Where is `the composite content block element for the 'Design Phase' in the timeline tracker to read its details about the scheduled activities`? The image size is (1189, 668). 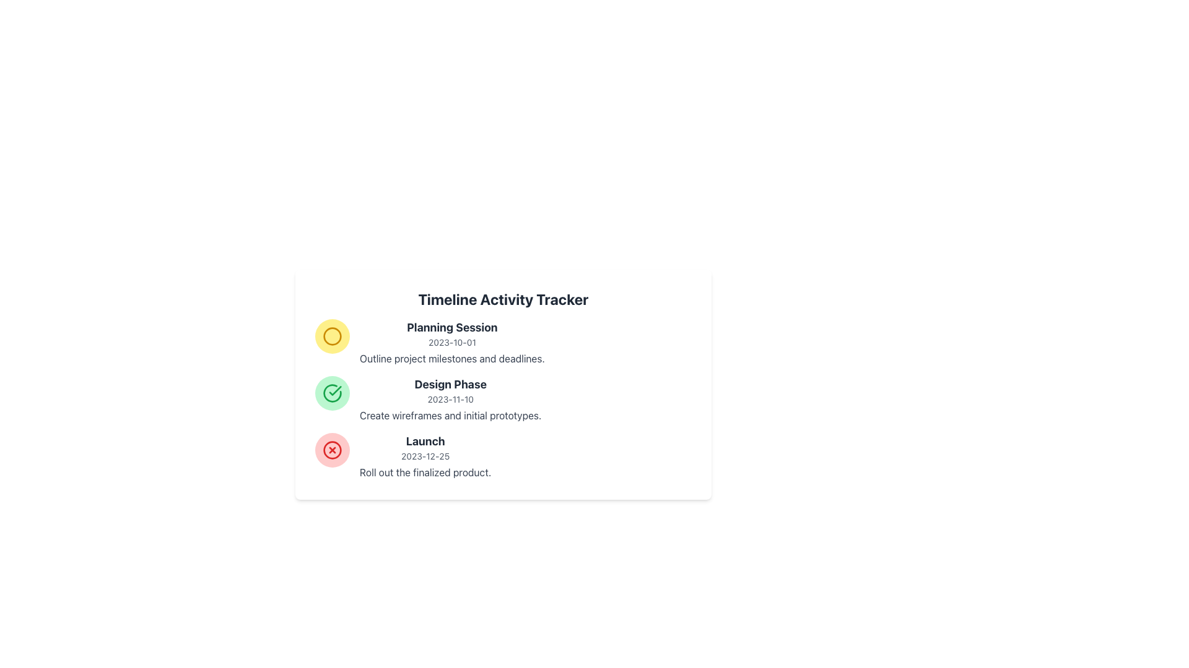
the composite content block element for the 'Design Phase' in the timeline tracker to read its details about the scheduled activities is located at coordinates (503, 399).